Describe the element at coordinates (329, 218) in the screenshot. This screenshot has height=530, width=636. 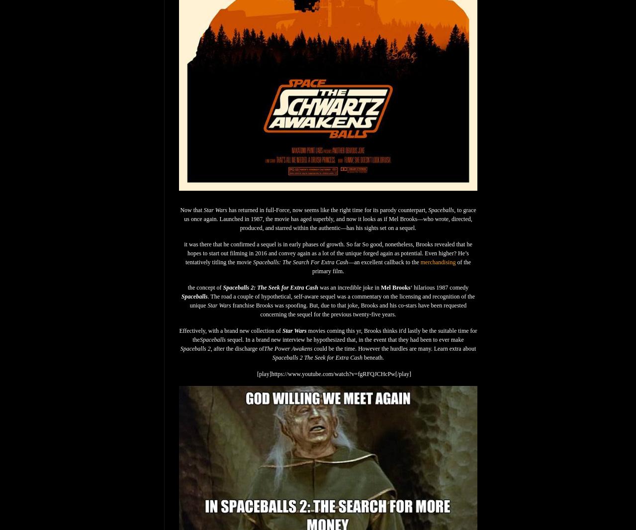
I see `', to grace us once again. Launched in 1987, the movie has aged superbly, and now it looks as if Mel Brooks—who wrote, directed, produced, and starred within the authentic—has his sights set on a sequel.'` at that location.